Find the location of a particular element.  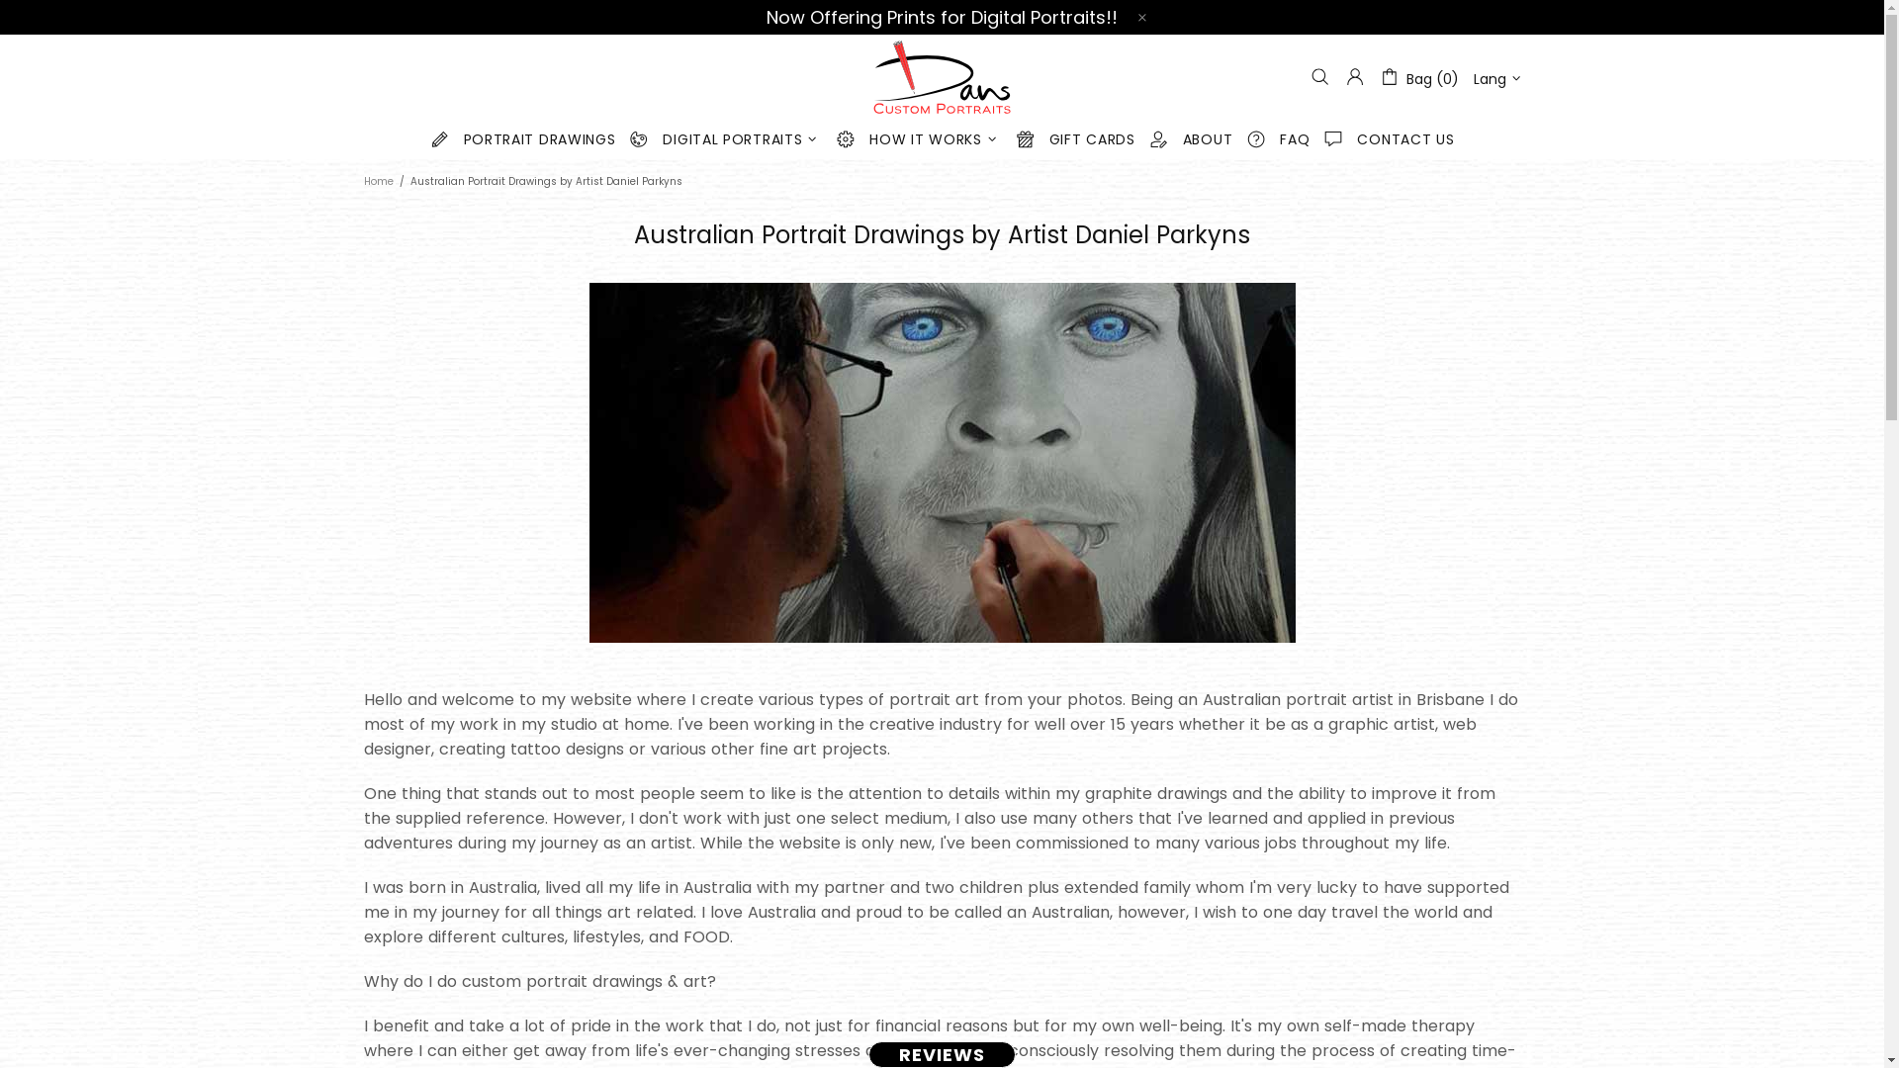

'CONTACT US' is located at coordinates (1387, 138).